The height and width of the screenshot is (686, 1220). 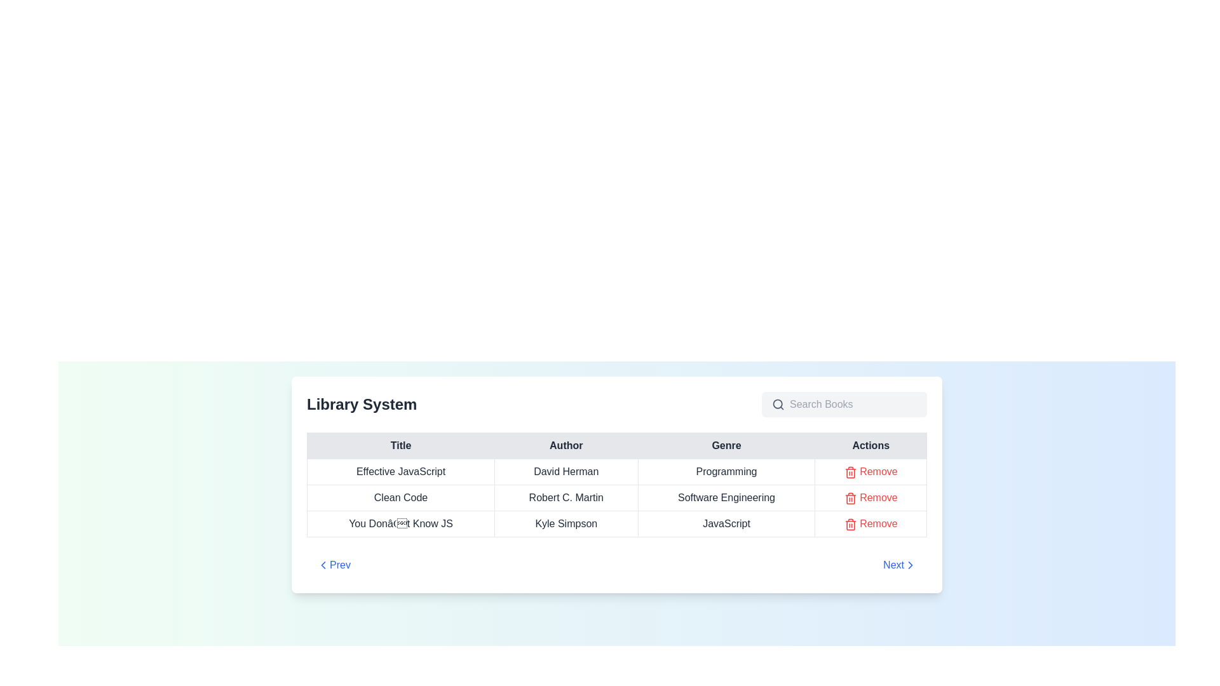 What do you see at coordinates (777, 404) in the screenshot?
I see `the Image Icon that indicates the presence of a search bar, located to the left of the input field with the placeholder 'Search Books'` at bounding box center [777, 404].